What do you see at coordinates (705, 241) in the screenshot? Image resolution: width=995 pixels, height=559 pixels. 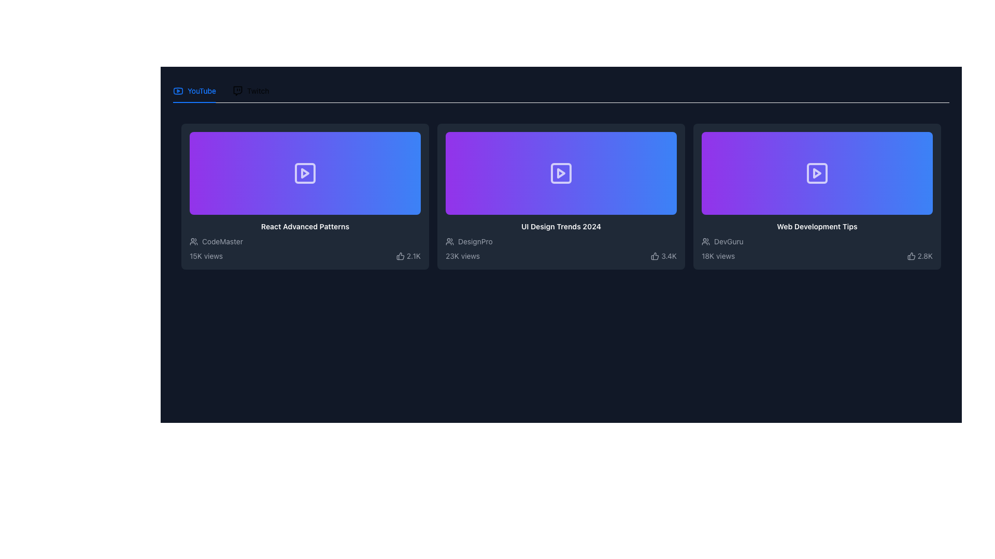 I see `the SVG icon that represents a group or community, located at the leftmost side of the row in the card labeled 'Web Development Tips'` at bounding box center [705, 241].